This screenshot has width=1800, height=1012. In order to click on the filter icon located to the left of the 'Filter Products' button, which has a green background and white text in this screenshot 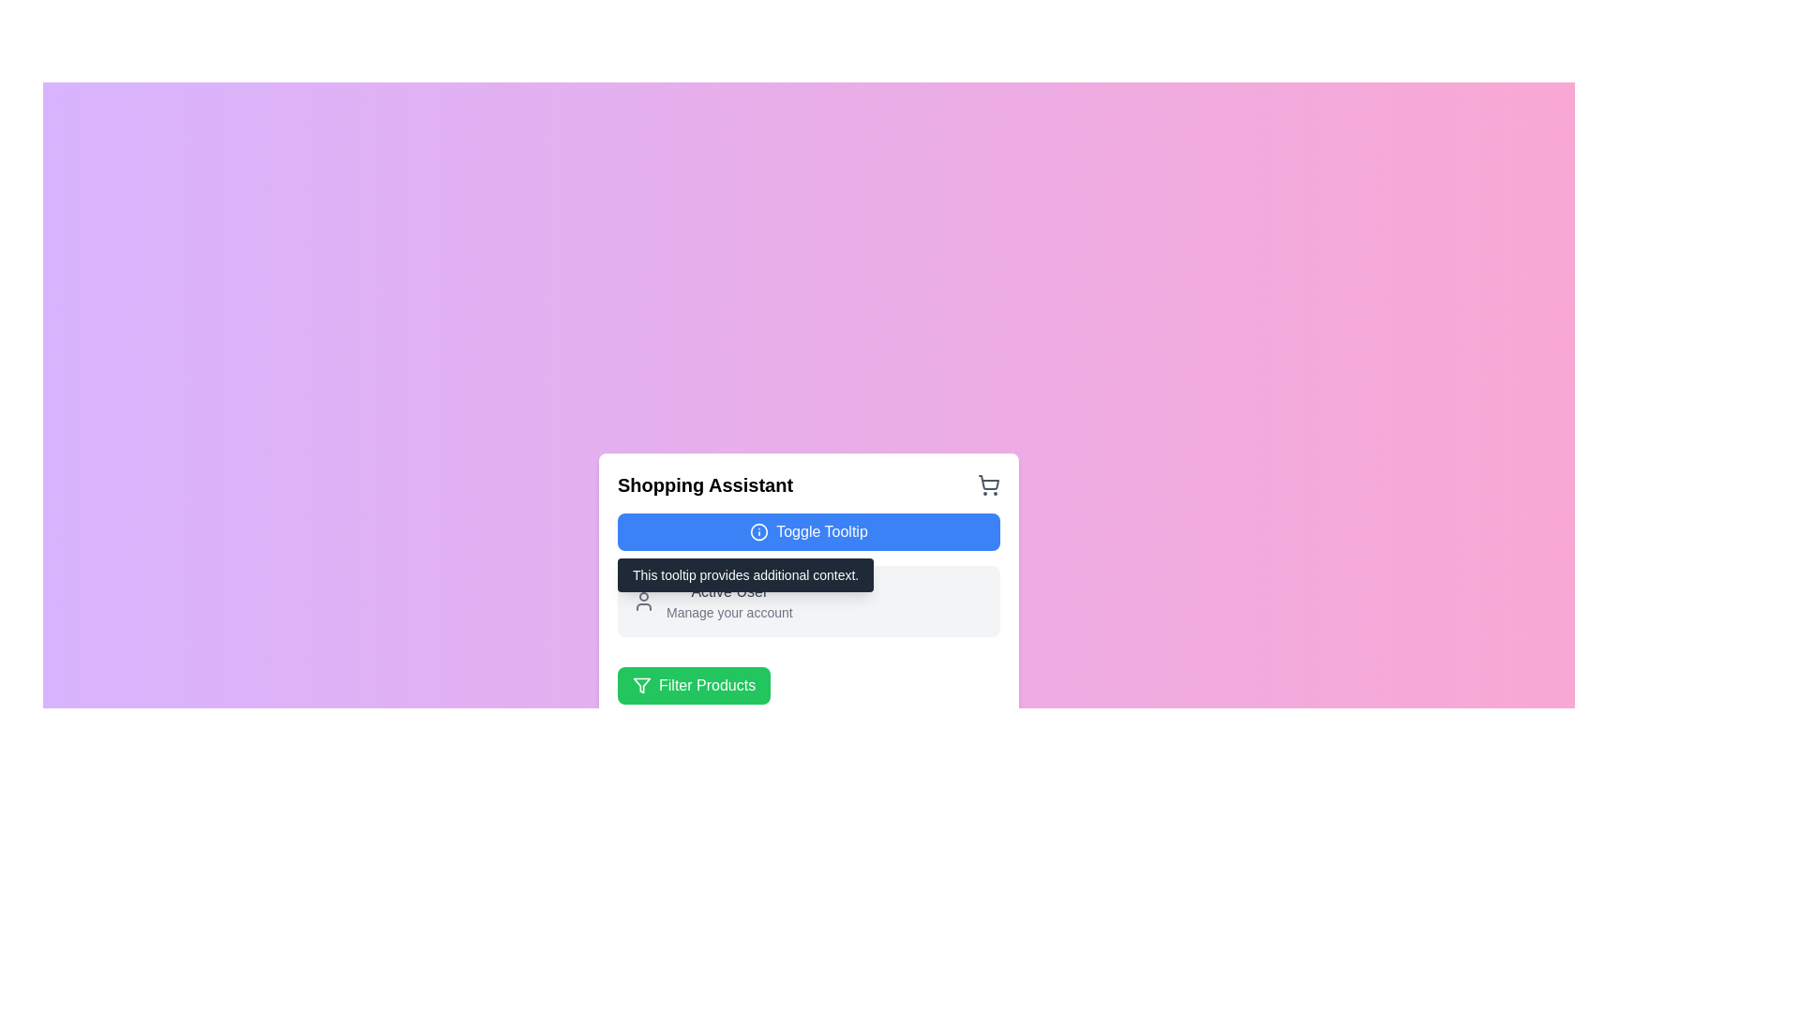, I will do `click(642, 686)`.